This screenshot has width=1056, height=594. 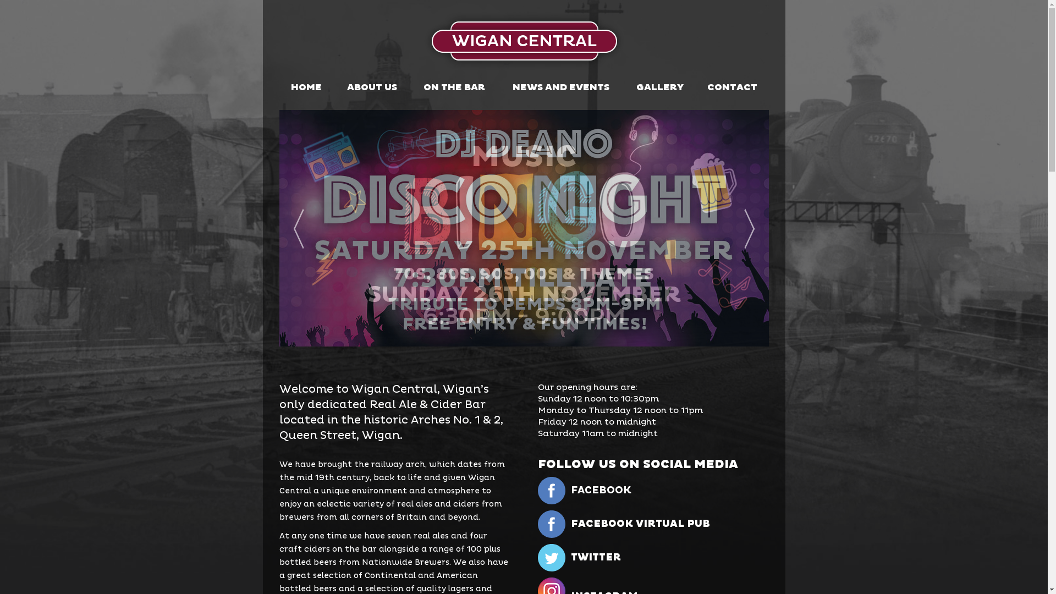 I want to click on 'ABOUT US', so click(x=372, y=87).